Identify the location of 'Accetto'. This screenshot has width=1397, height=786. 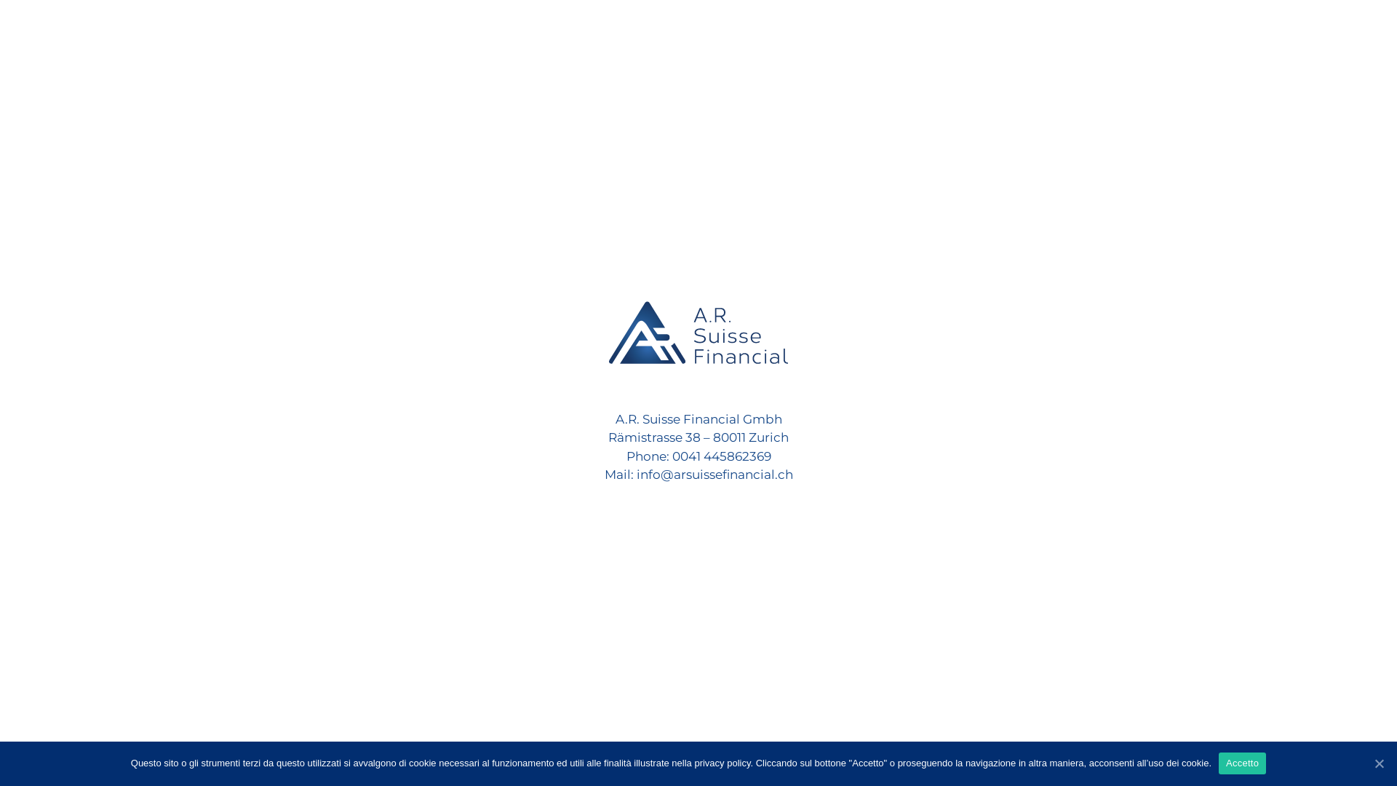
(1241, 763).